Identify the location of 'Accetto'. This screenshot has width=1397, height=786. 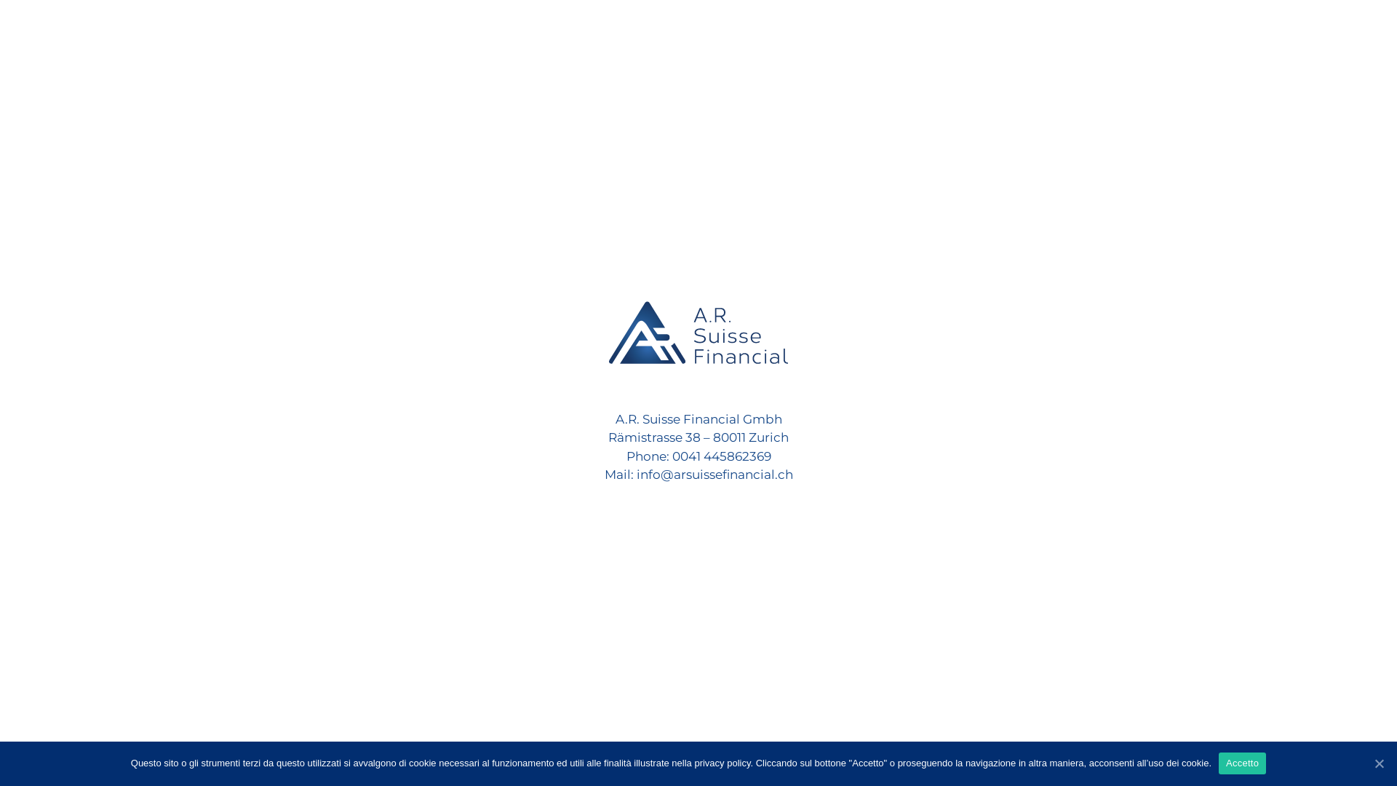
(1241, 763).